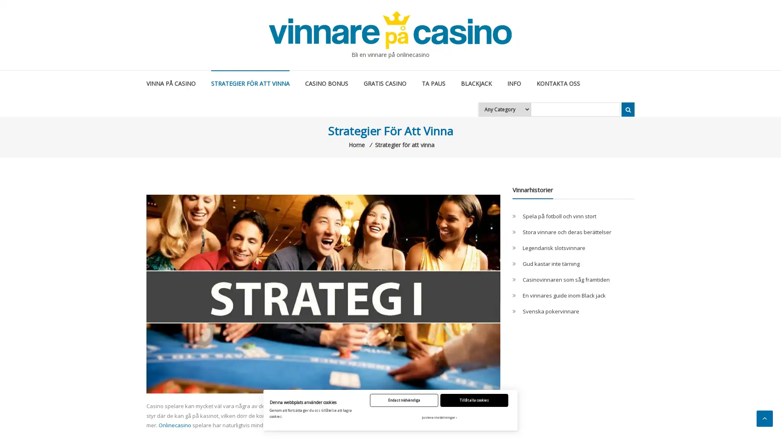 This screenshot has height=439, width=781. Describe the element at coordinates (438, 417) in the screenshot. I see `Justera installningar` at that location.